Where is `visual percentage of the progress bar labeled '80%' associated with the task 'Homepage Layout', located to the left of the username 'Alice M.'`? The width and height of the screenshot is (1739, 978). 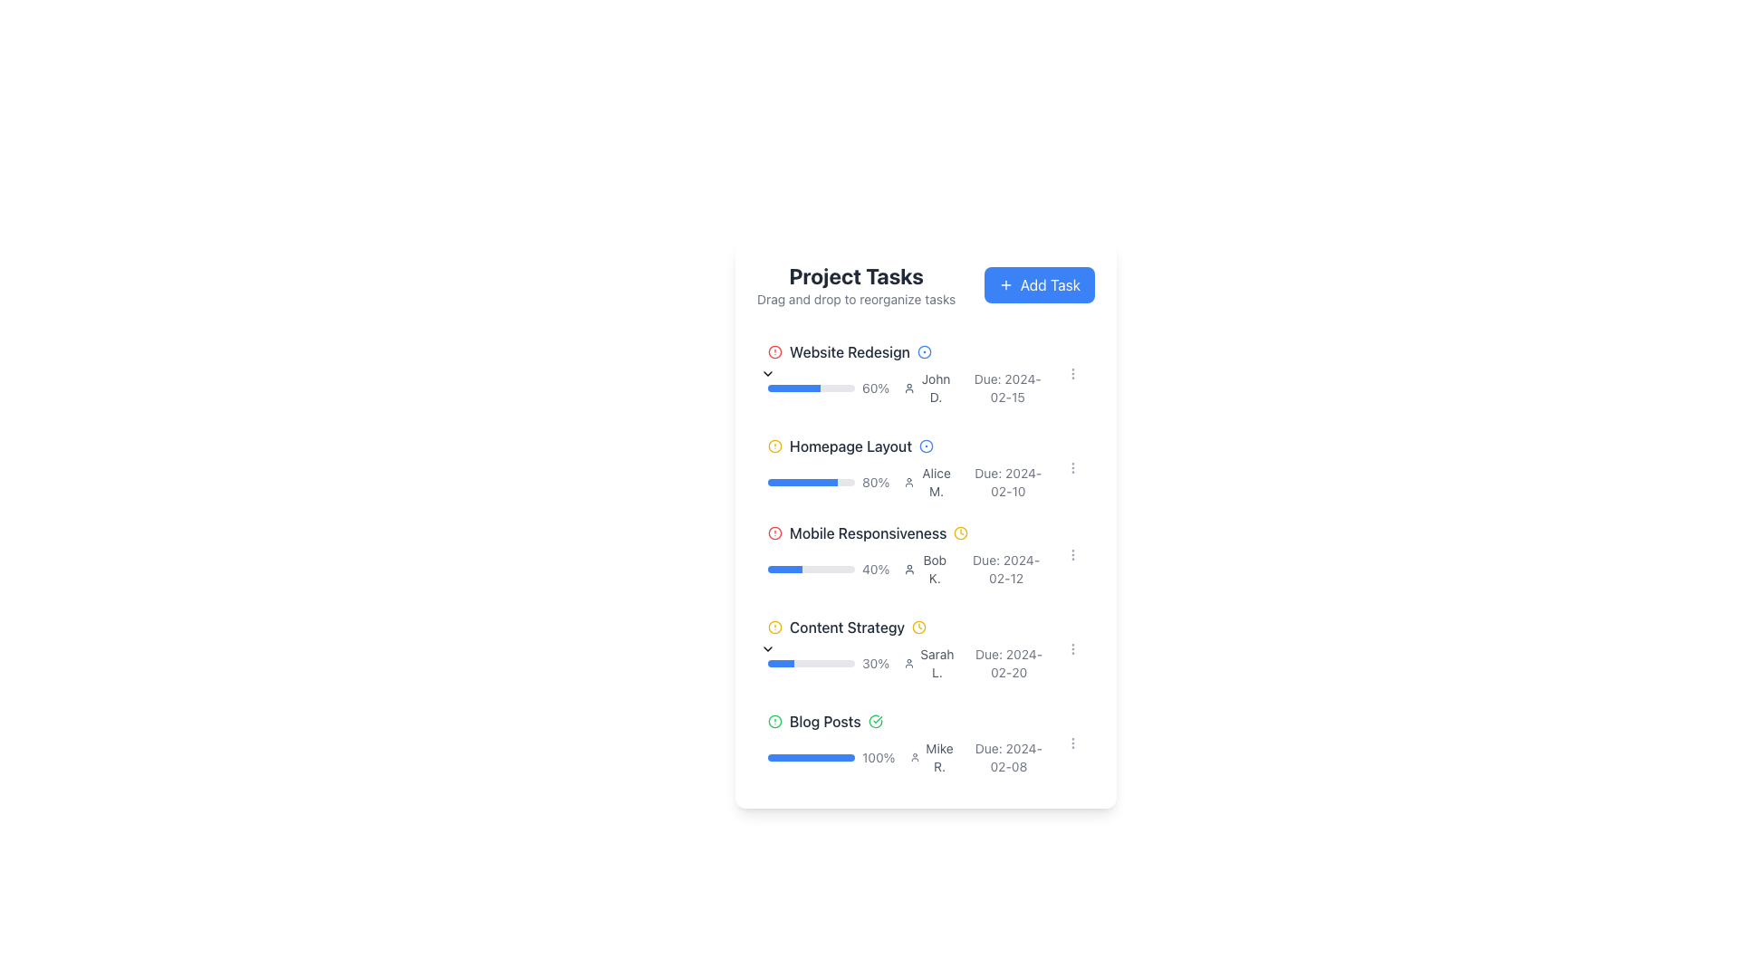
visual percentage of the progress bar labeled '80%' associated with the task 'Homepage Layout', located to the left of the username 'Alice M.' is located at coordinates (828, 481).